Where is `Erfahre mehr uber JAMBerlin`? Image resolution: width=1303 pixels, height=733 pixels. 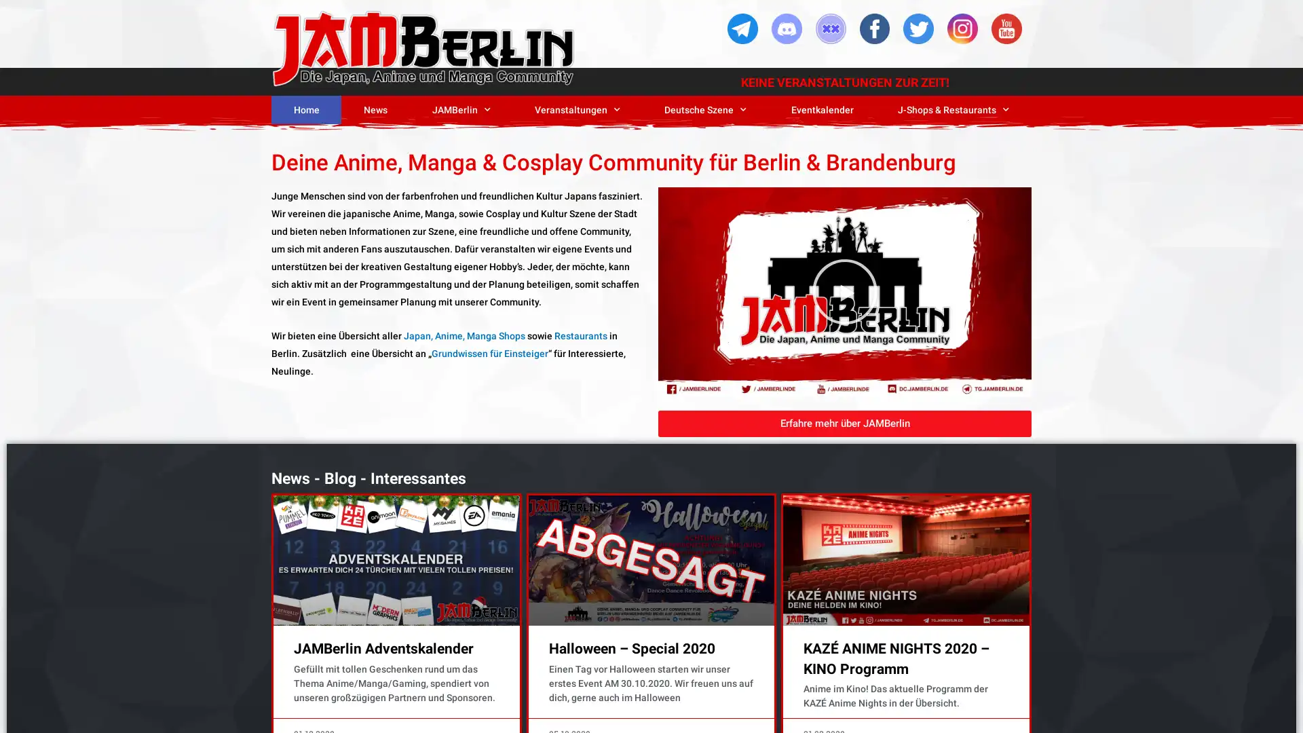 Erfahre mehr uber JAMBerlin is located at coordinates (844, 422).